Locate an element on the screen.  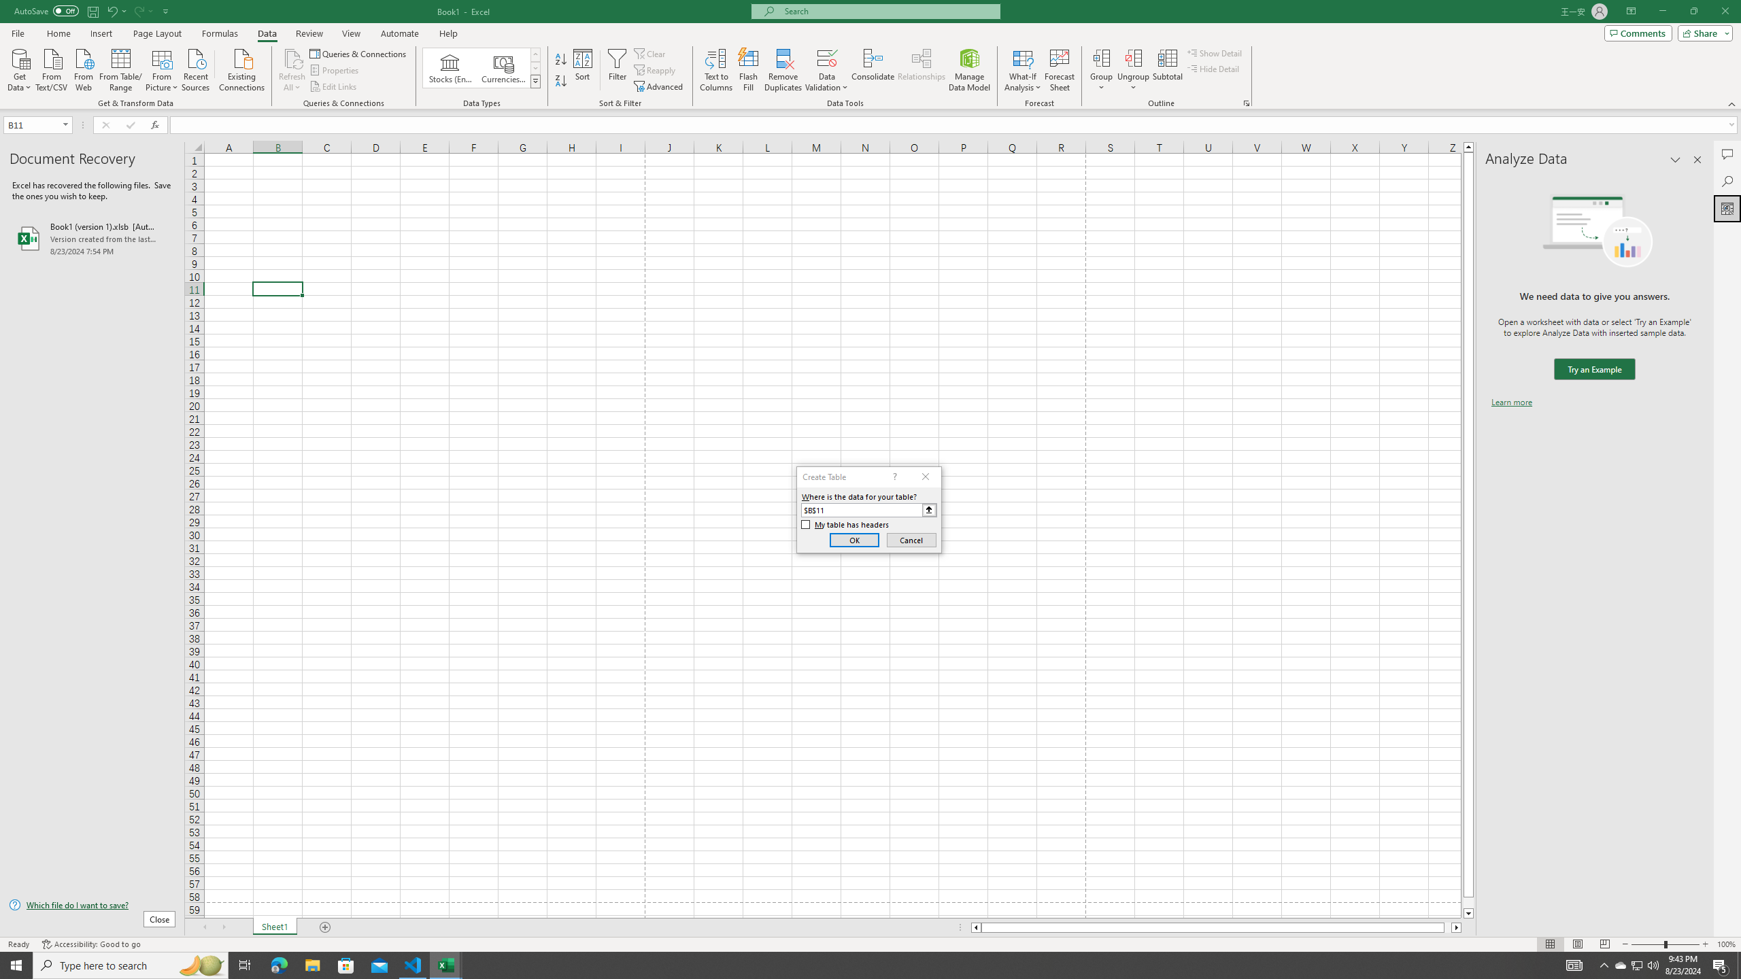
'From Table/Range' is located at coordinates (120, 68).